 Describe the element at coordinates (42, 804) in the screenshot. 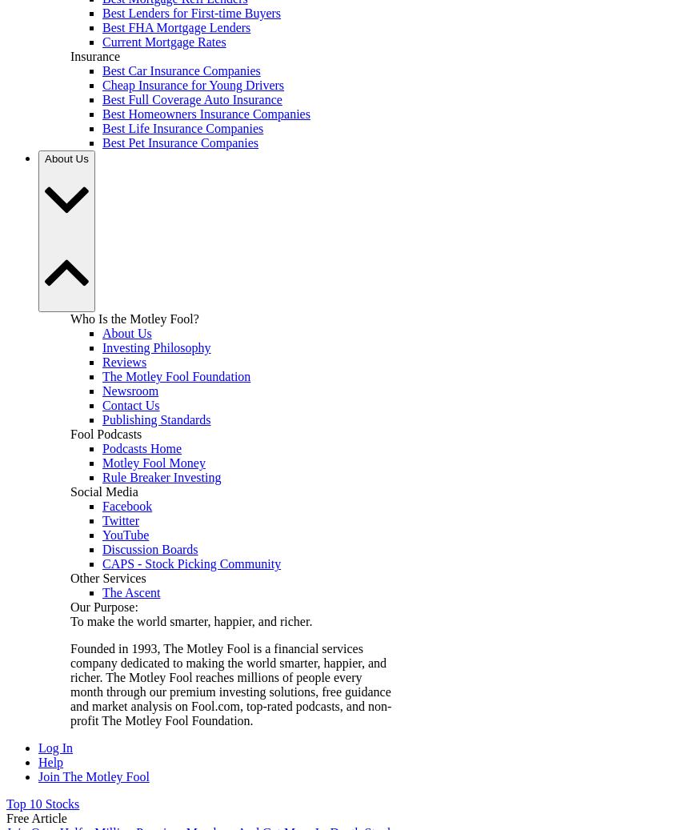

I see `'Top 10 Stocks'` at that location.